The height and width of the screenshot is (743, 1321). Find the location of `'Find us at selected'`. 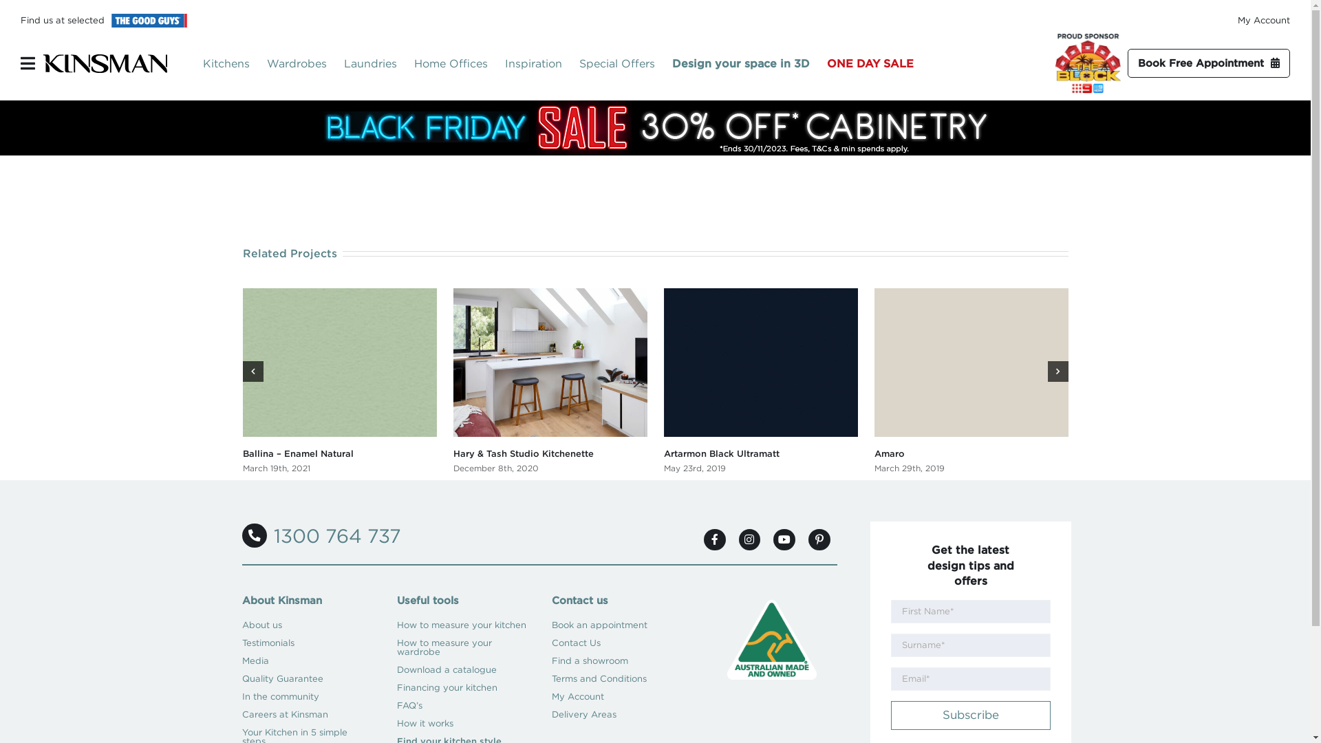

'Find us at selected' is located at coordinates (20, 20).